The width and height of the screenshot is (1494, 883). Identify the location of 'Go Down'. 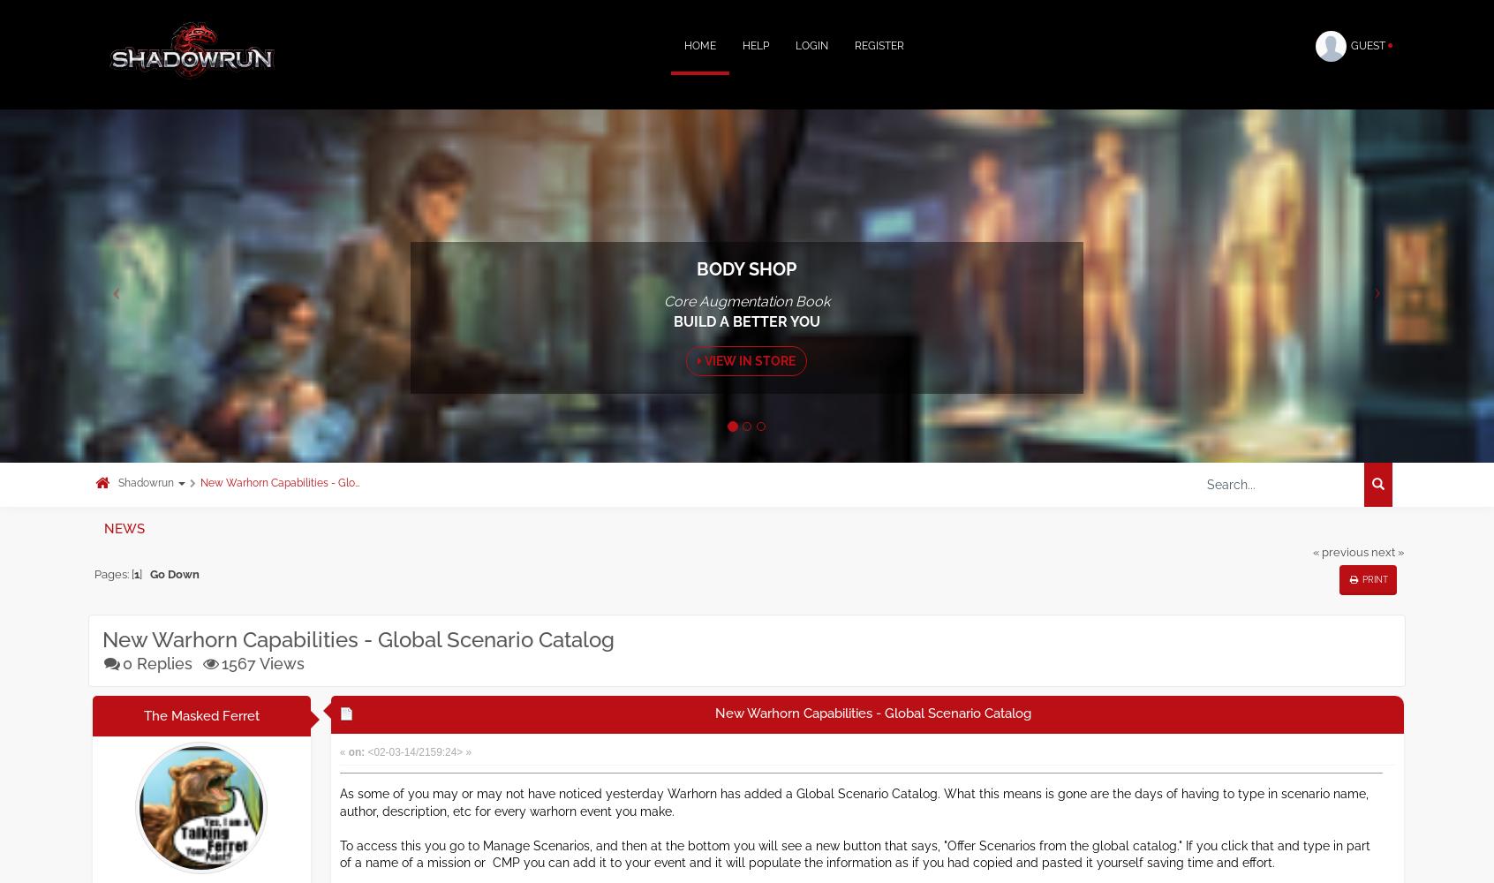
(173, 574).